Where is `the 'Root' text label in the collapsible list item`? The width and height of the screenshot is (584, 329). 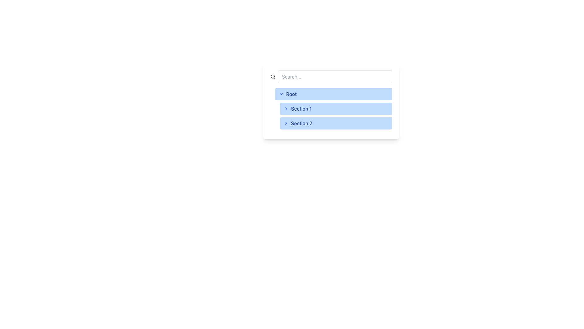
the 'Root' text label in the collapsible list item is located at coordinates (287, 94).